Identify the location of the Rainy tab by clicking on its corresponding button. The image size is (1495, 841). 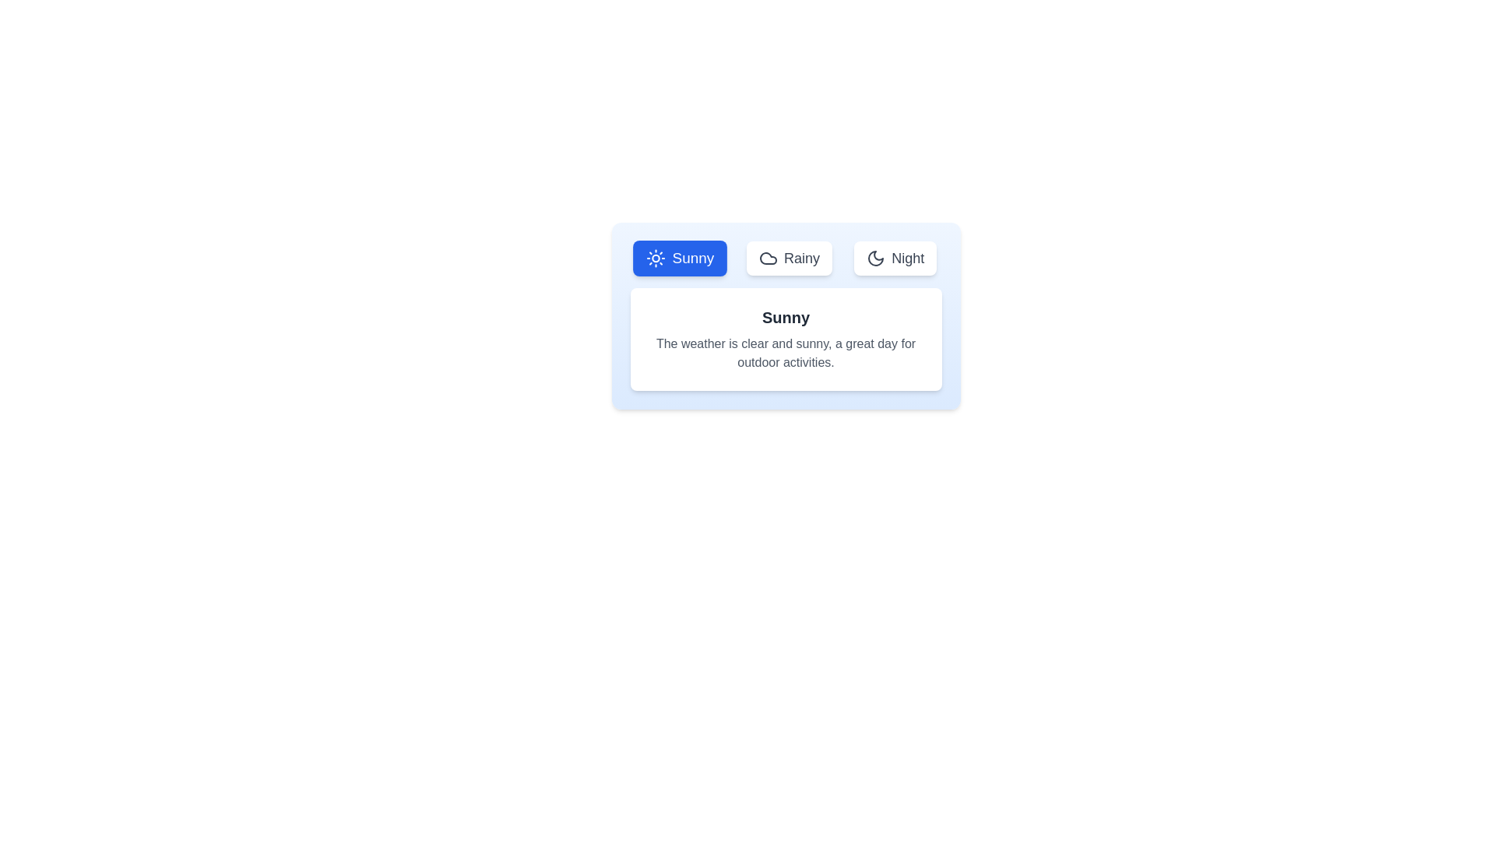
(789, 257).